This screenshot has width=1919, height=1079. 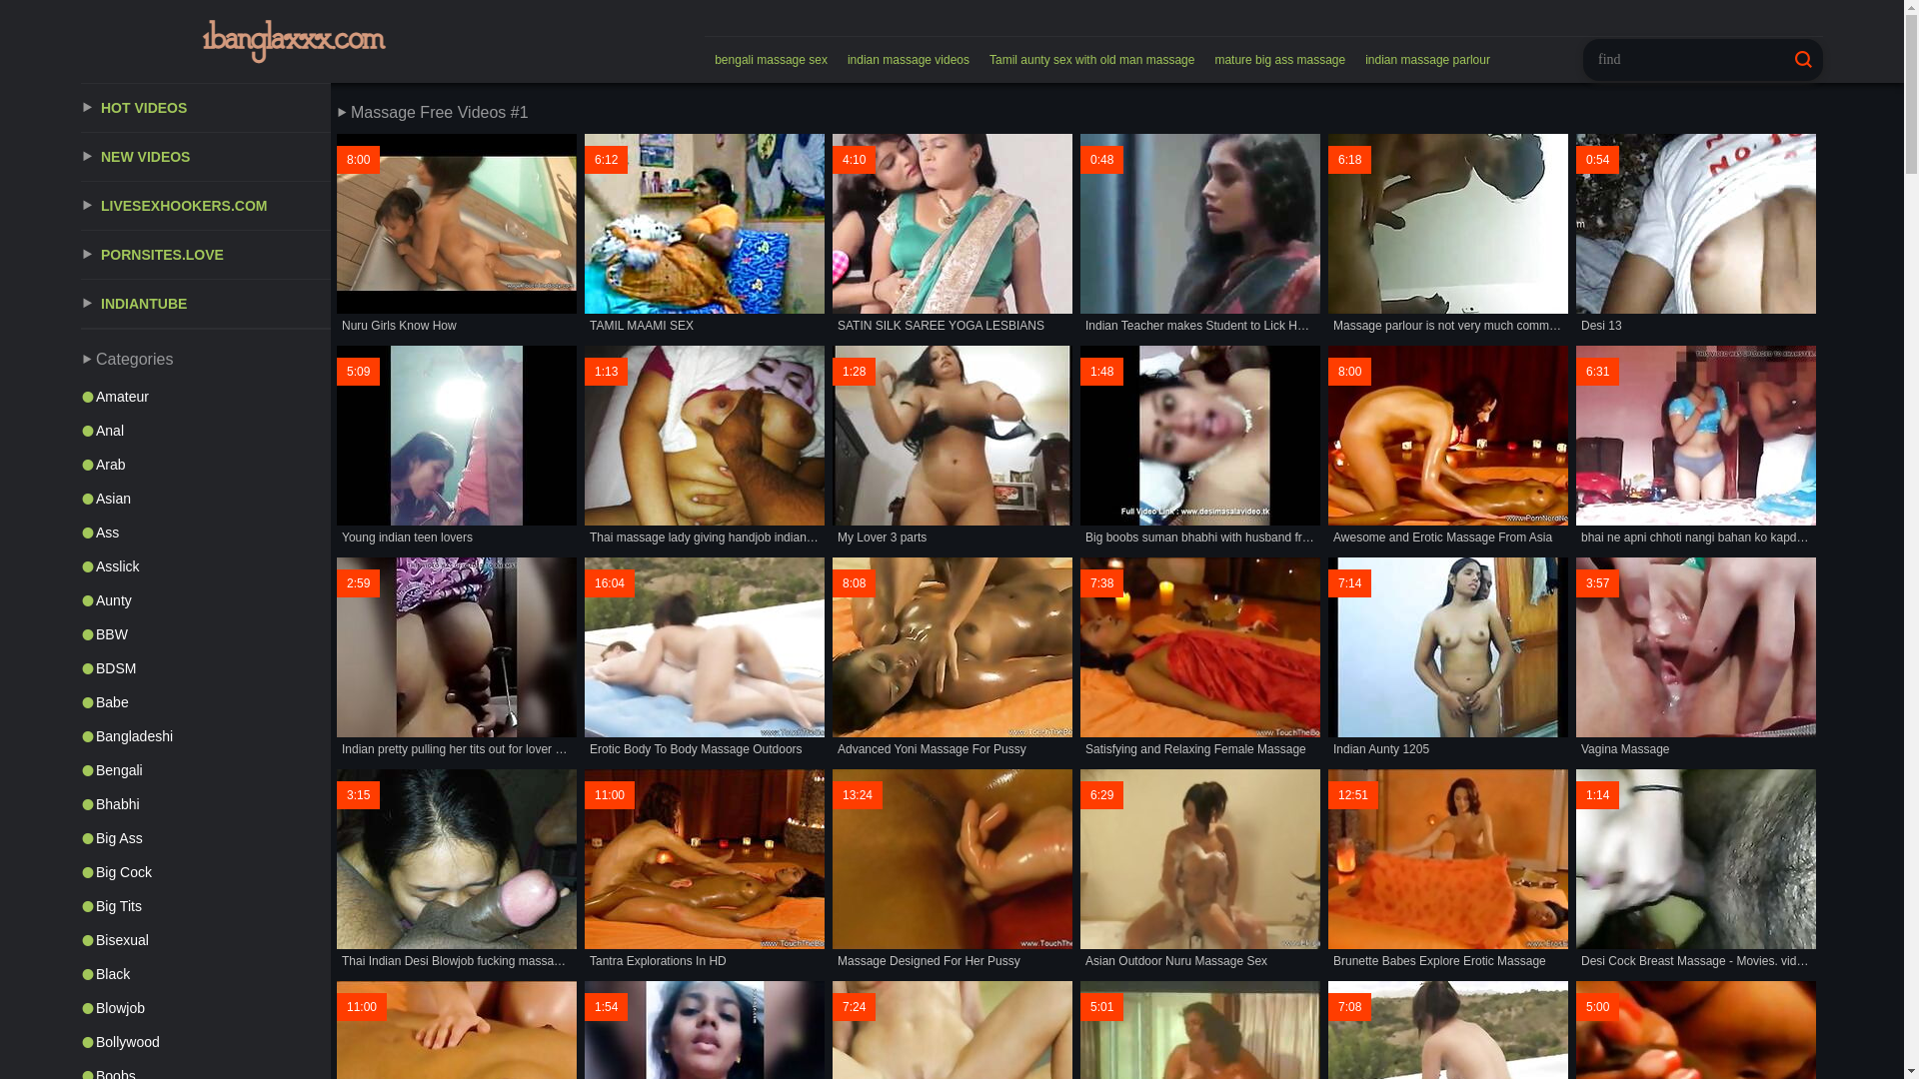 I want to click on 'Amateur', so click(x=80, y=397).